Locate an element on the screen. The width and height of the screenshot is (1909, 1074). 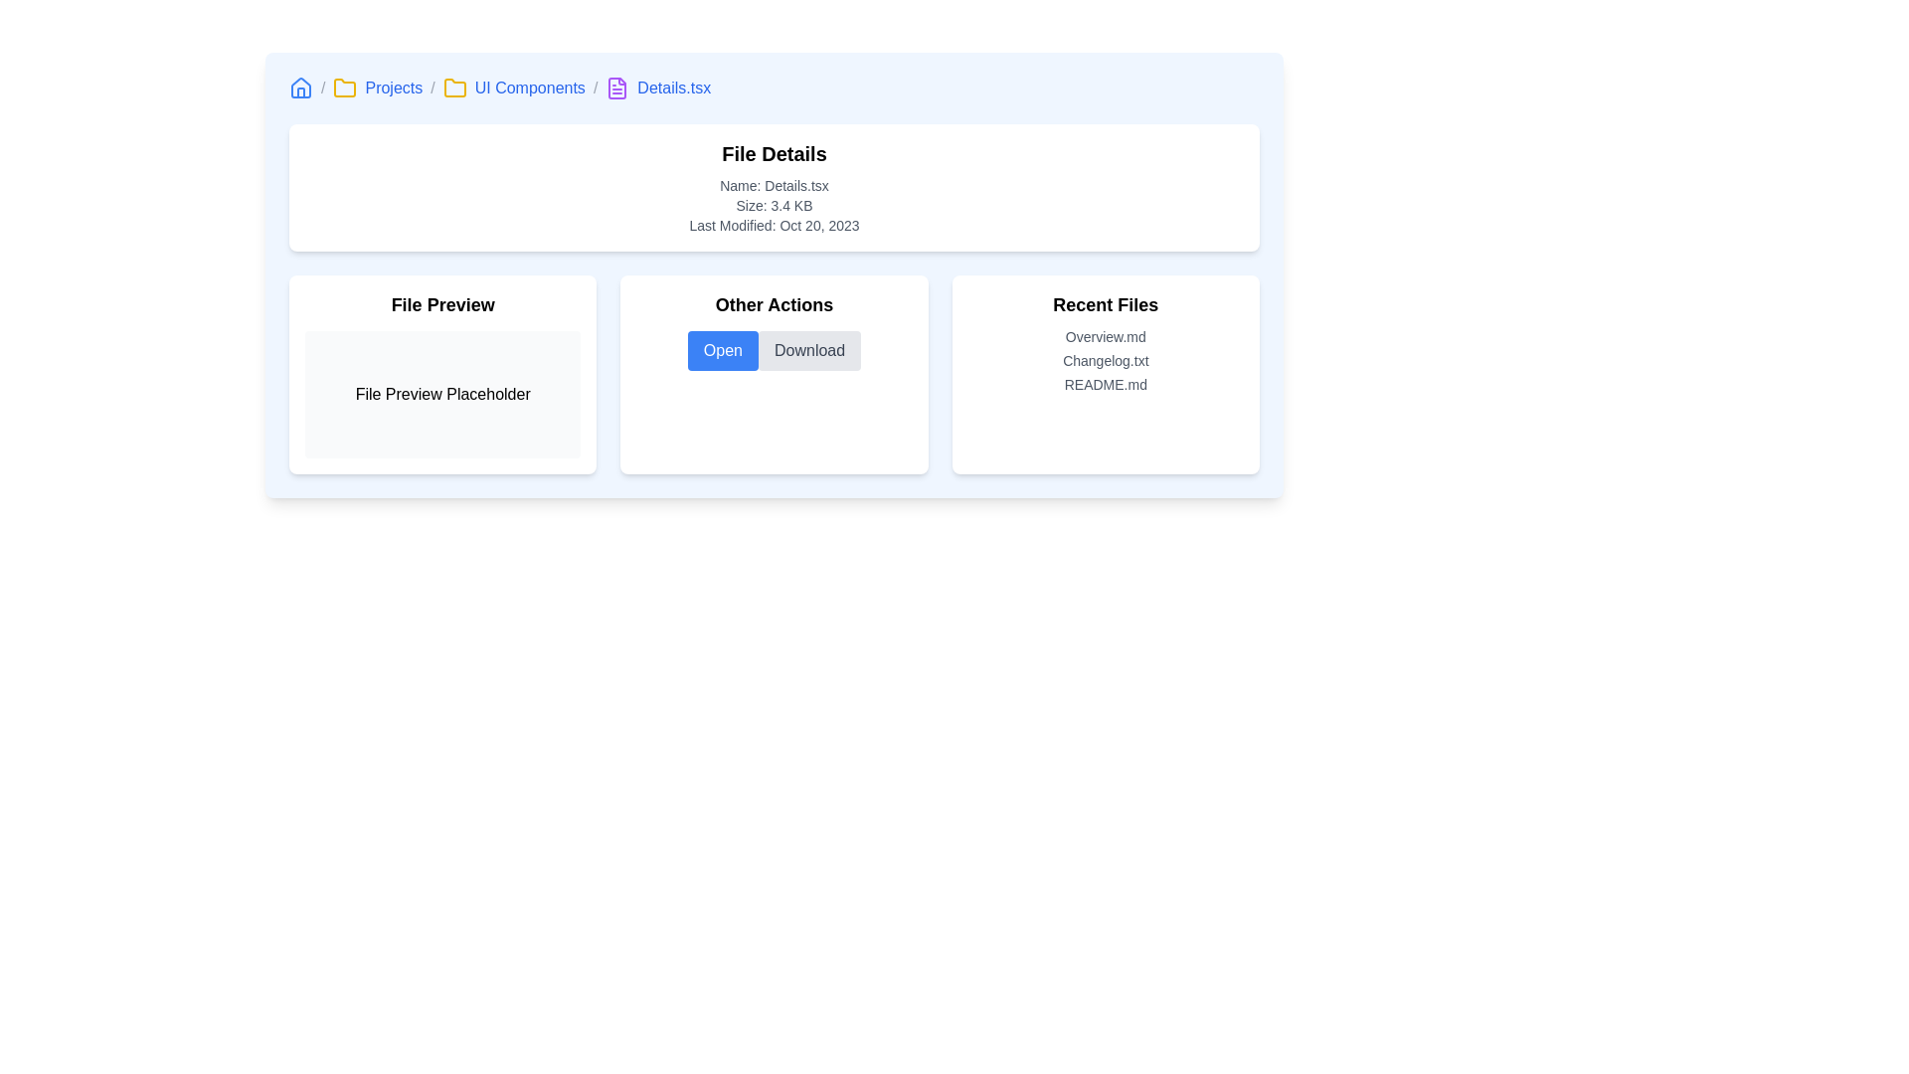
the text label displaying 'Changelog.txt' in the 'Recent Files' section is located at coordinates (1105, 360).